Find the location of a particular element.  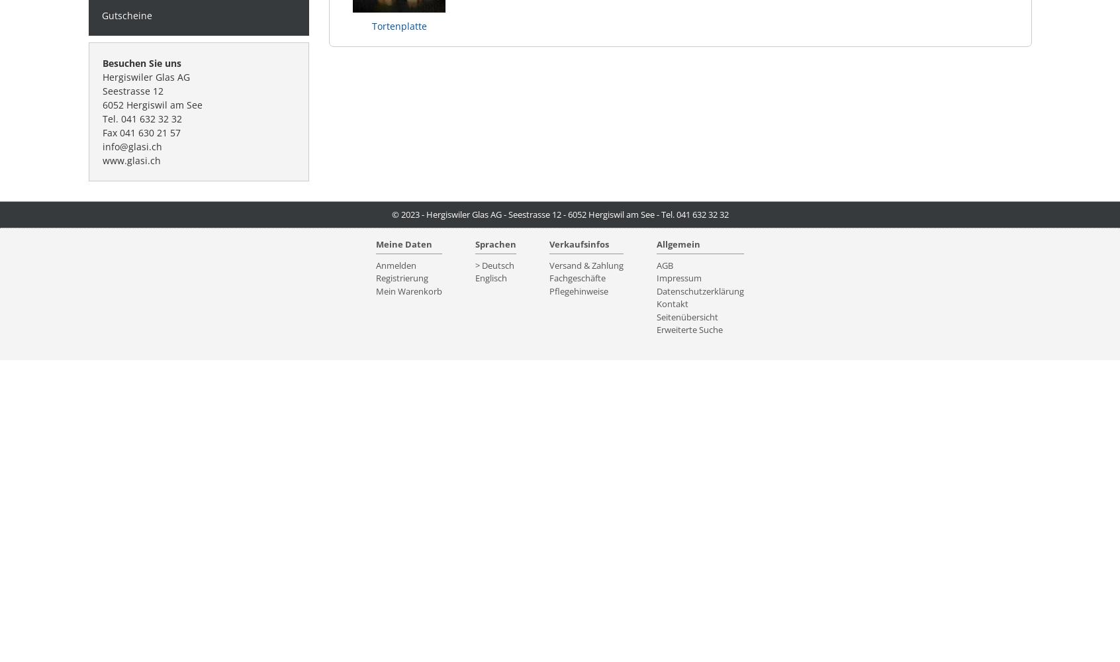

'Gutscheine' is located at coordinates (126, 15).